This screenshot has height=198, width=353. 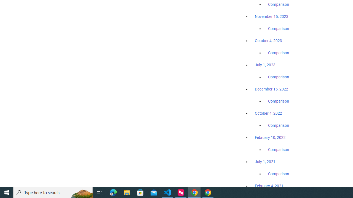 What do you see at coordinates (270, 137) in the screenshot?
I see `'February 10, 2022'` at bounding box center [270, 137].